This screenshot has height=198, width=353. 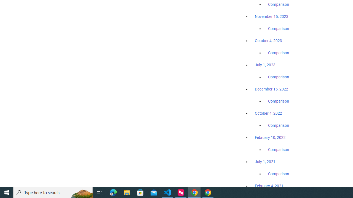 What do you see at coordinates (270, 137) in the screenshot?
I see `'February 10, 2022'` at bounding box center [270, 137].